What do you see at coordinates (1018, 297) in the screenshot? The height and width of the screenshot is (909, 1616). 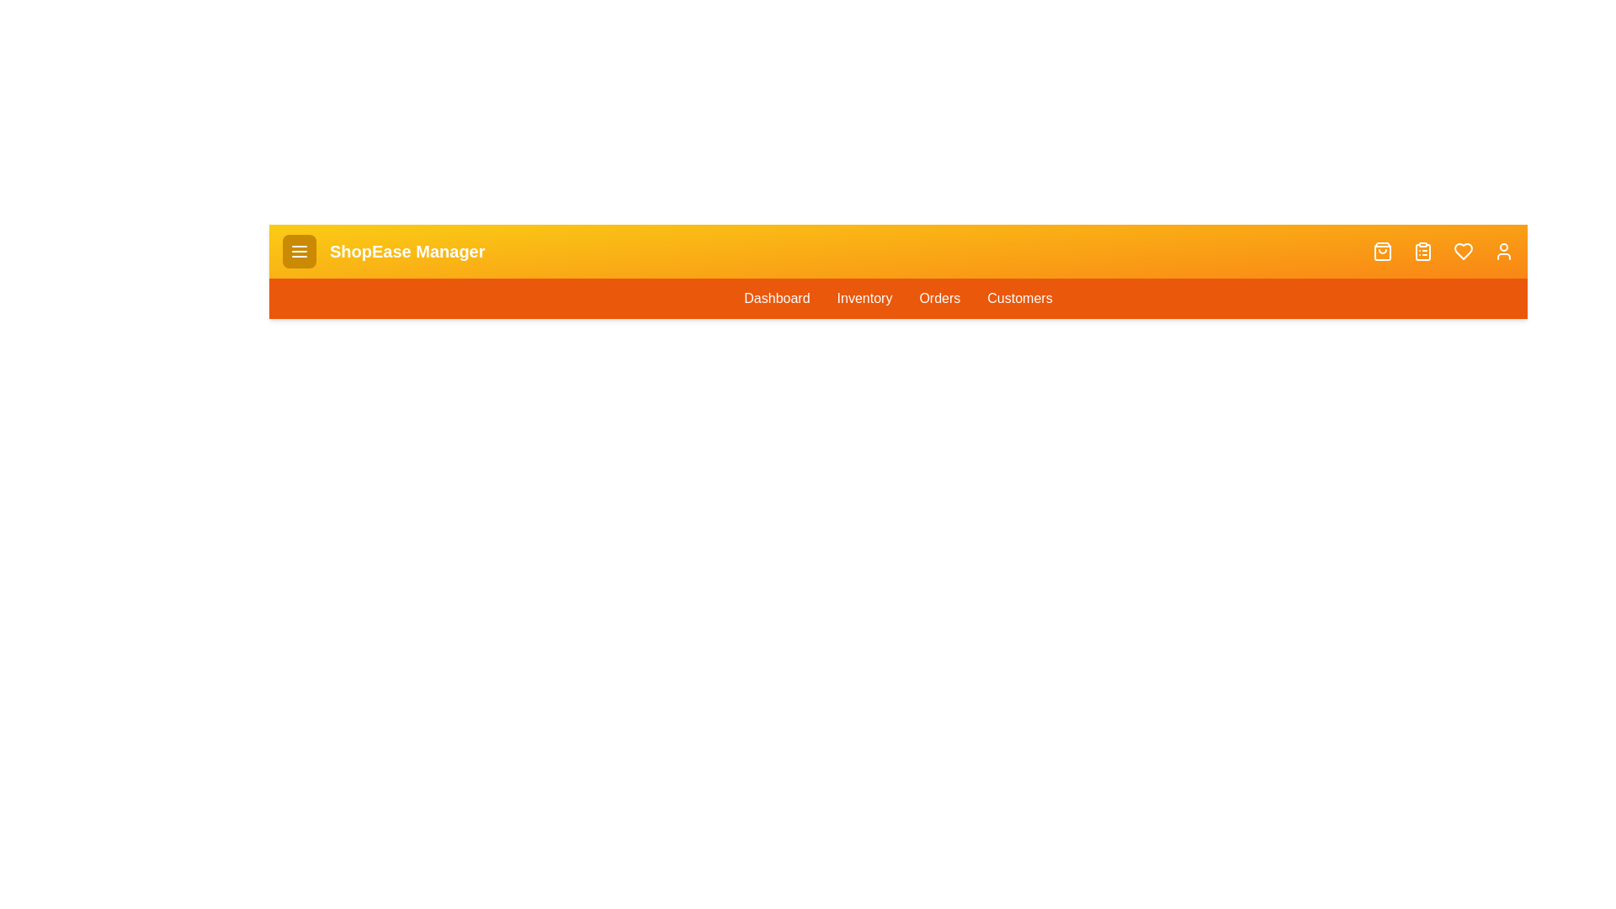 I see `the navigation link for Customers to navigate to the respective section` at bounding box center [1018, 297].